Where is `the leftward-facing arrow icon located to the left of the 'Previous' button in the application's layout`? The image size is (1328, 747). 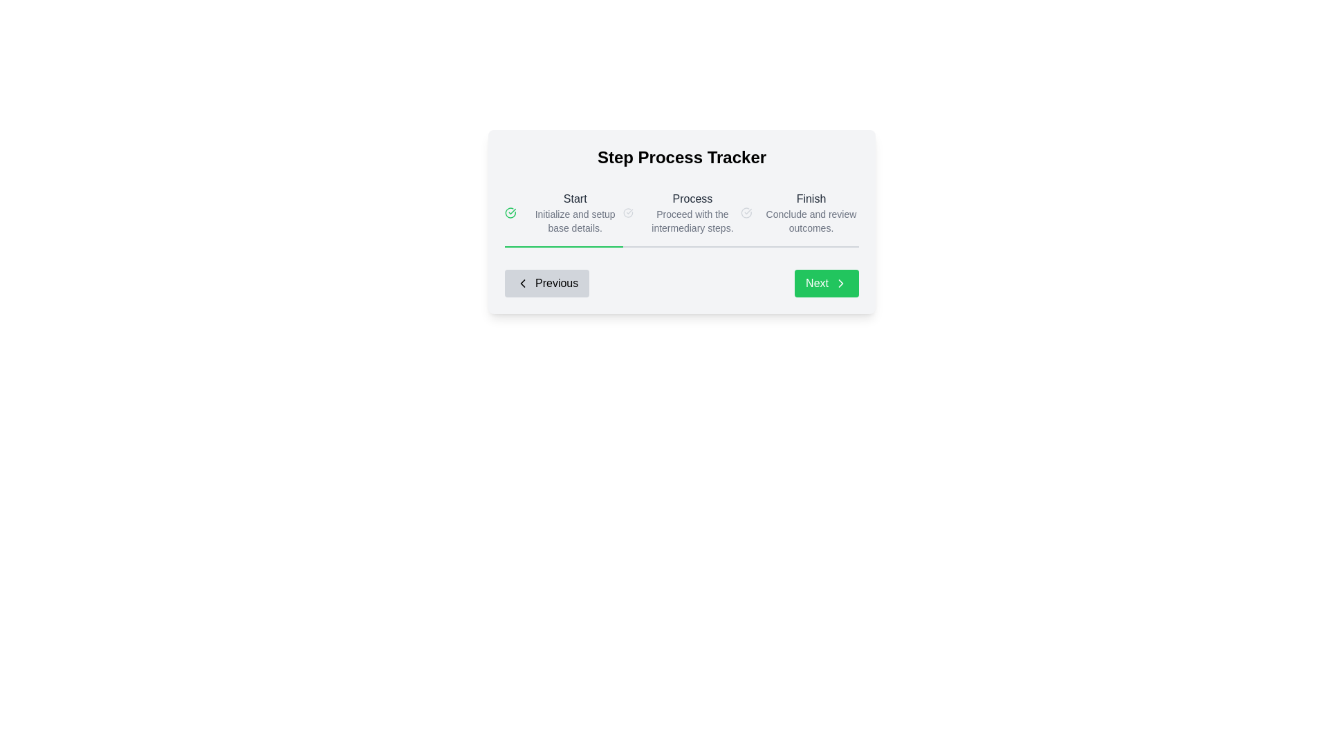
the leftward-facing arrow icon located to the left of the 'Previous' button in the application's layout is located at coordinates (522, 282).